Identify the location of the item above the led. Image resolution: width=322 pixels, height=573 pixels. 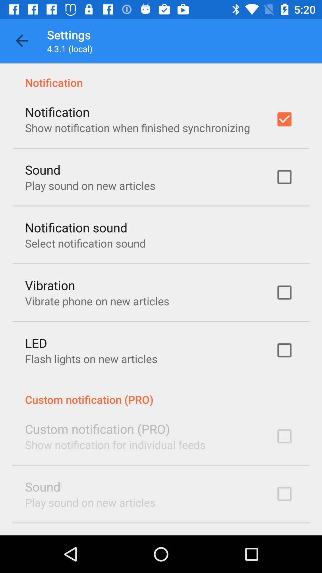
(97, 301).